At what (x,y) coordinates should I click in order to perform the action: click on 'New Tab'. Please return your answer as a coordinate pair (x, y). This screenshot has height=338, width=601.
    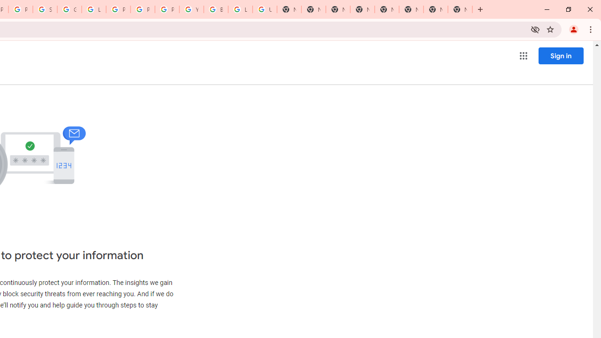
    Looking at the image, I should click on (460, 9).